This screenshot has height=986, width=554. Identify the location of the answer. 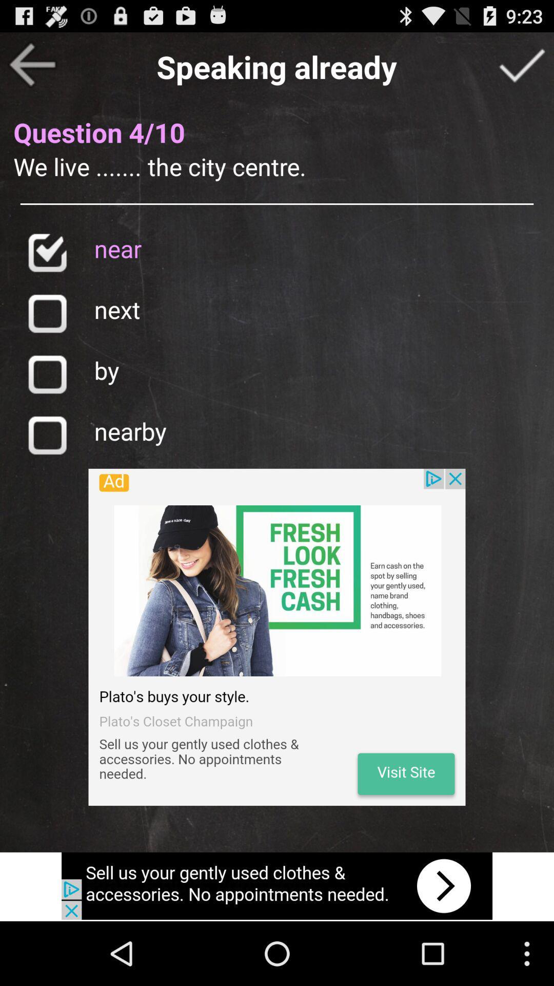
(522, 64).